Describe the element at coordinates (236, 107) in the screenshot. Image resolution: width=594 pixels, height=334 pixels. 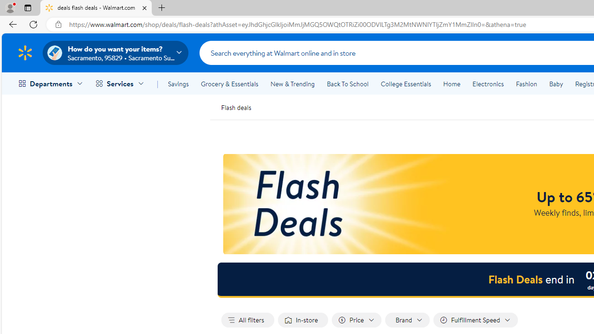
I see `'Flash deals'` at that location.